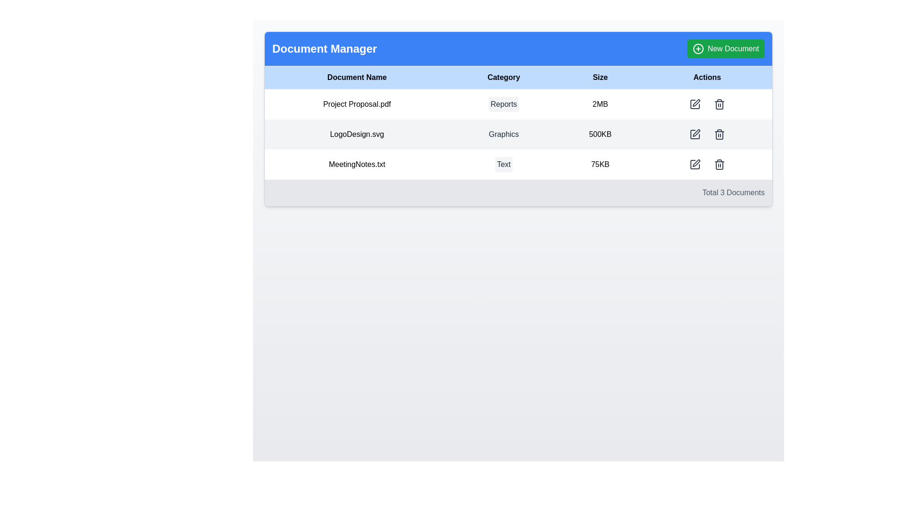 The width and height of the screenshot is (903, 508). What do you see at coordinates (696, 163) in the screenshot?
I see `the edit icon shaped like a pen located in the 'Actions' column of the table, in the third row corresponding to the 'MeetingNotes.txt' document` at bounding box center [696, 163].